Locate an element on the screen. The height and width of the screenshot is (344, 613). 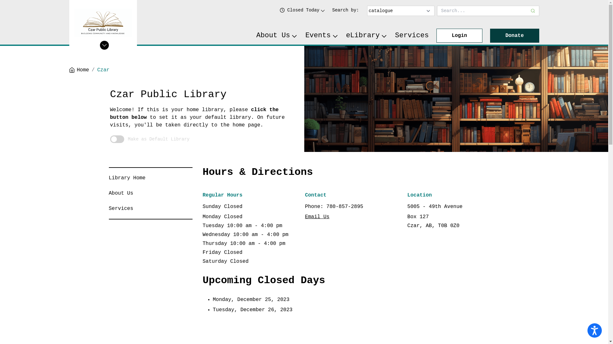
'Services' is located at coordinates (121, 209).